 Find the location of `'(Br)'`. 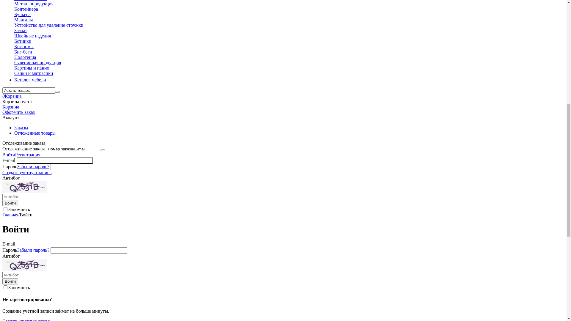

'(Br)' is located at coordinates (6, 10).